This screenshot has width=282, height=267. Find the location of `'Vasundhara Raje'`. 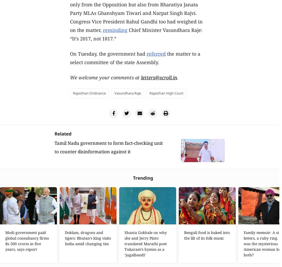

'Vasundhara Raje' is located at coordinates (127, 93).